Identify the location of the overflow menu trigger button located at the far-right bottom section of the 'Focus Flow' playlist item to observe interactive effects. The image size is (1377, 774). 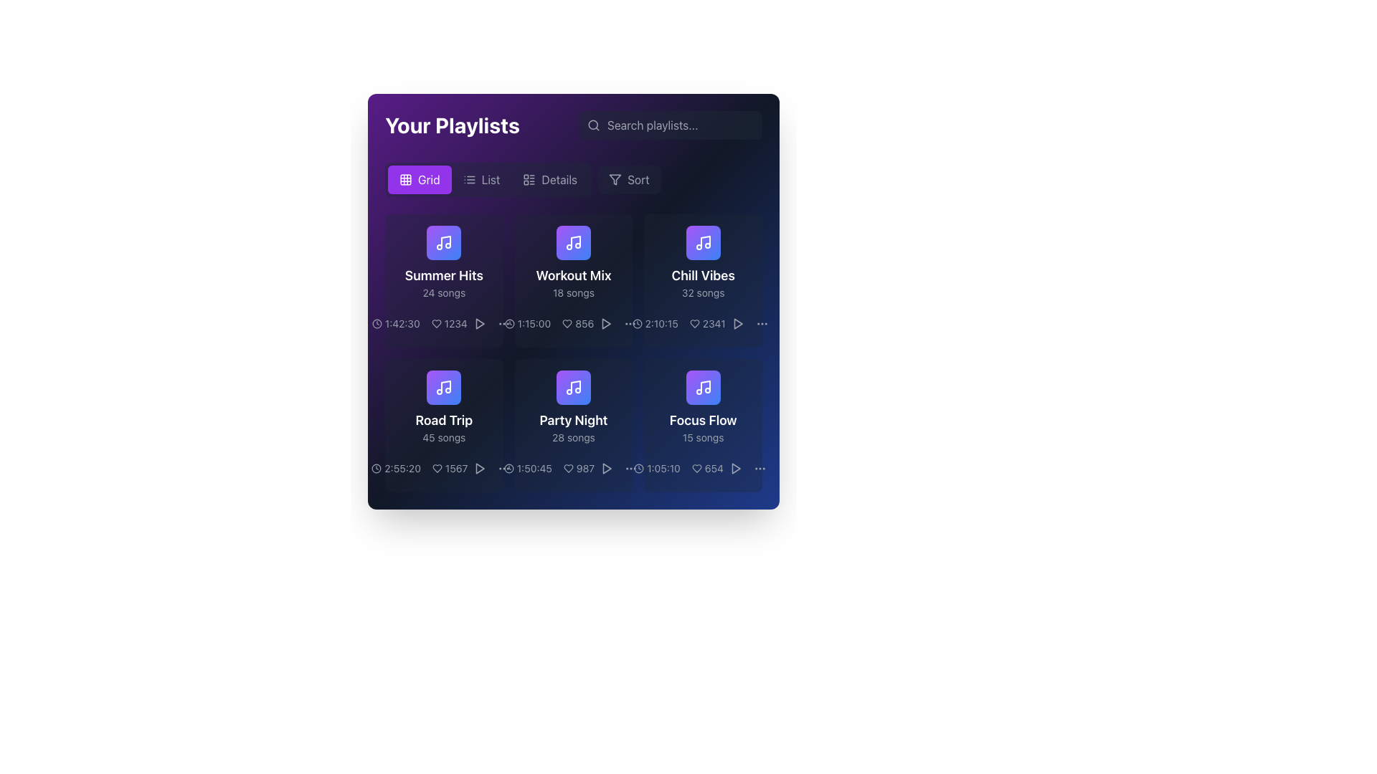
(760, 469).